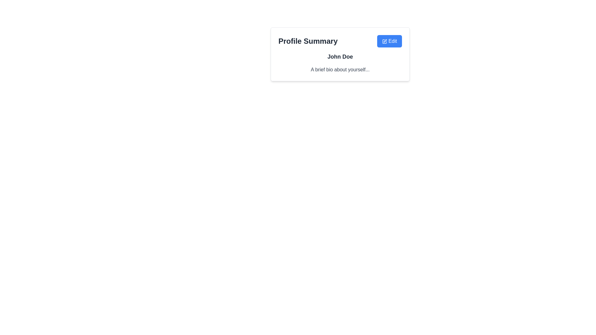  Describe the element at coordinates (385, 41) in the screenshot. I see `the pen-like edit icon located at the top-right of the 'Profile Summary' card` at that location.